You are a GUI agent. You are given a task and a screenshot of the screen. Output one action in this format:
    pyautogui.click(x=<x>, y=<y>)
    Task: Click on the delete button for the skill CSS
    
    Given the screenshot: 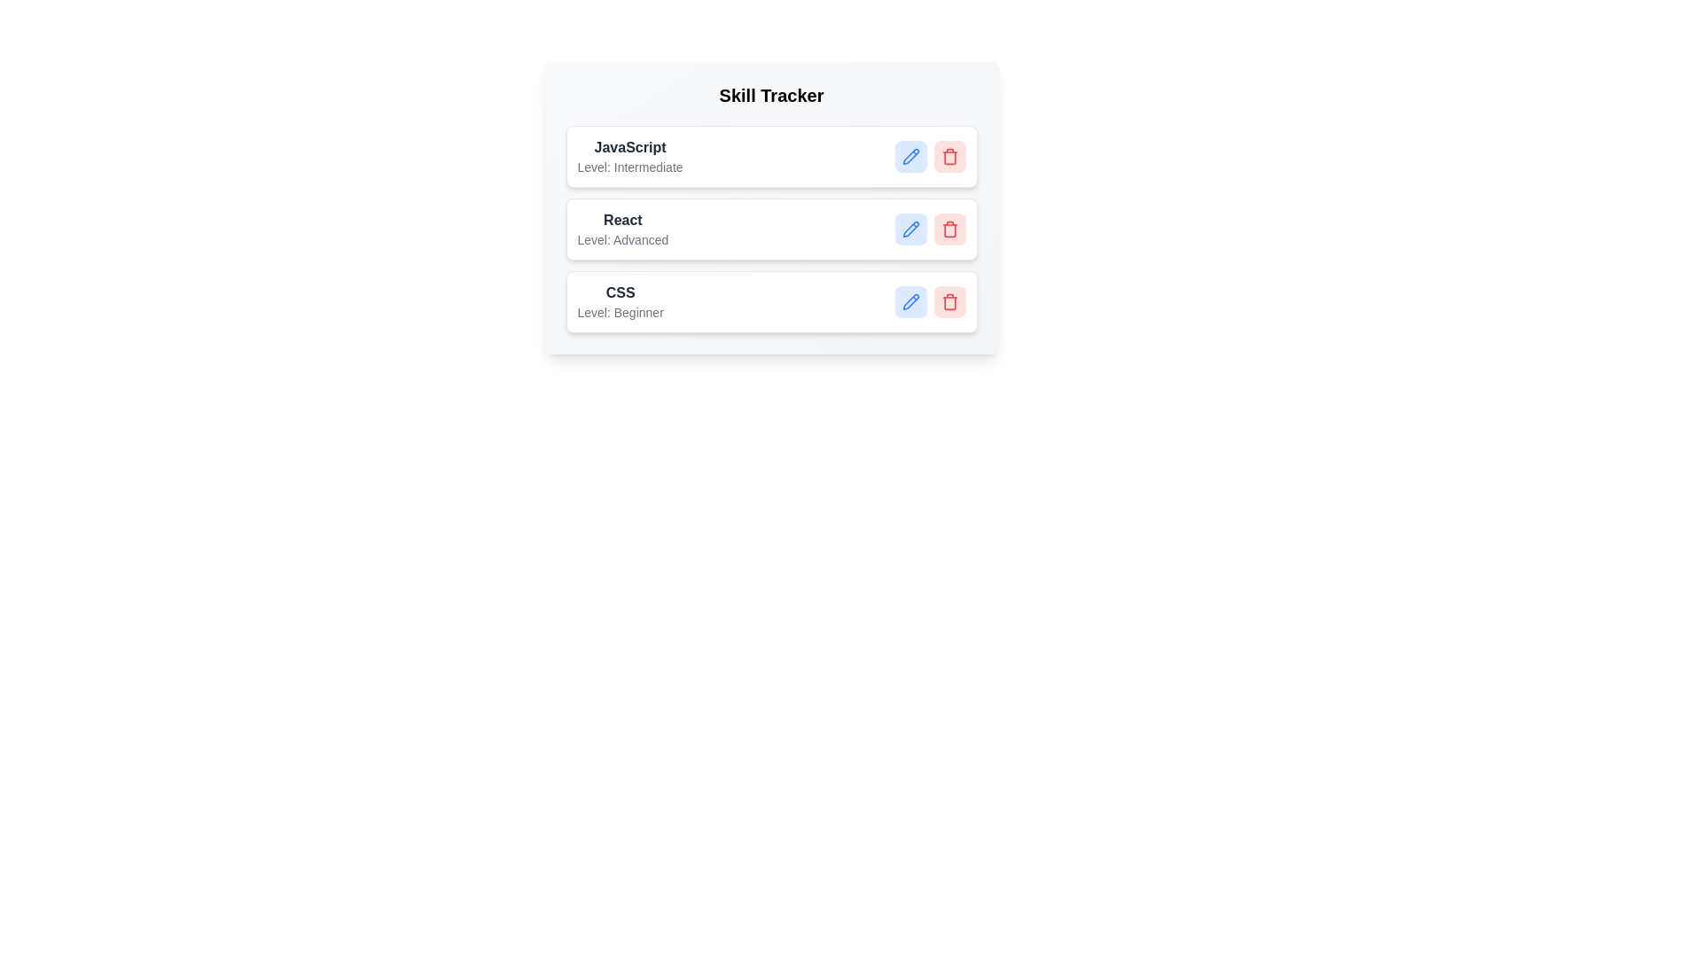 What is the action you would take?
    pyautogui.click(x=949, y=300)
    